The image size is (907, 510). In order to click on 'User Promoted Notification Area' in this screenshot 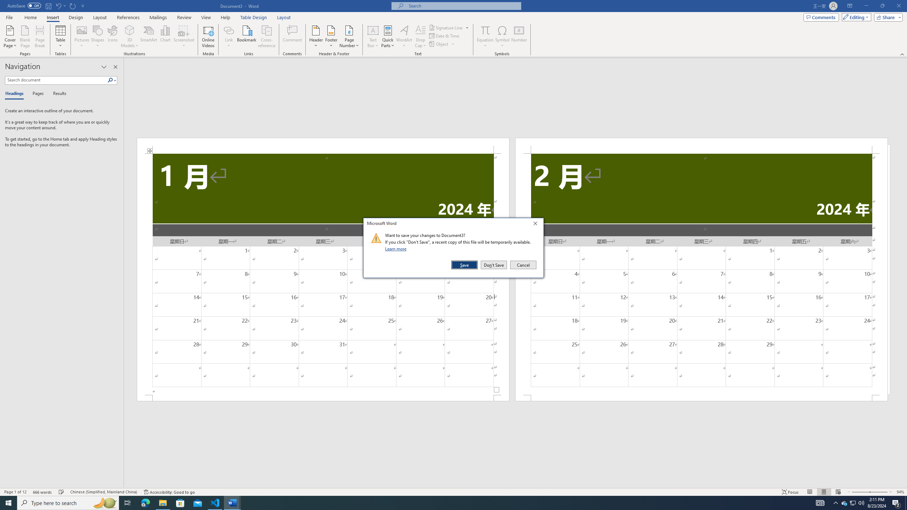, I will do `click(852, 502)`.